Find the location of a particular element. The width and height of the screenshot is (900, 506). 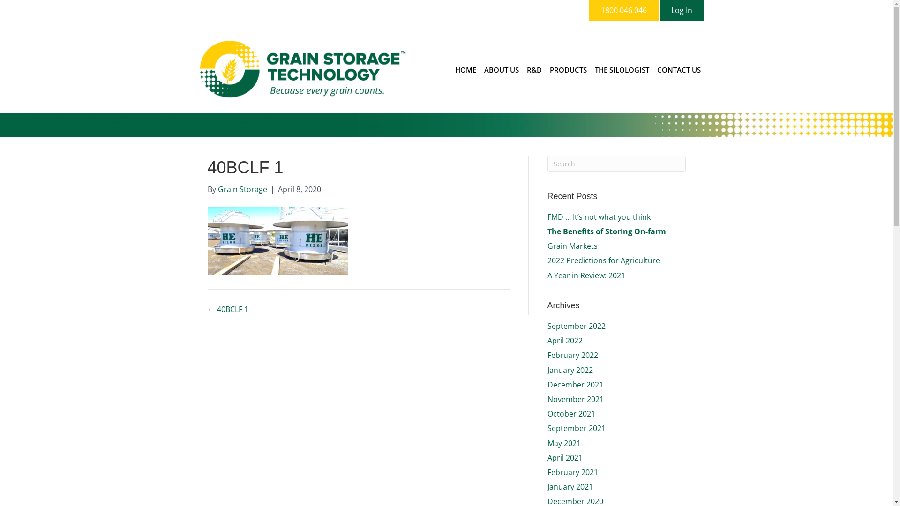

'A Year in Review: 2021' is located at coordinates (586, 275).